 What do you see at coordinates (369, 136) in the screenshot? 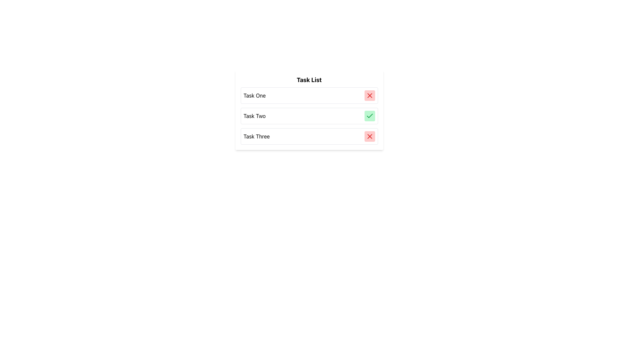
I see `the rounded red button with a white background and red 'X' icon located at the far right of the row labeled 'Task Three'` at bounding box center [369, 136].